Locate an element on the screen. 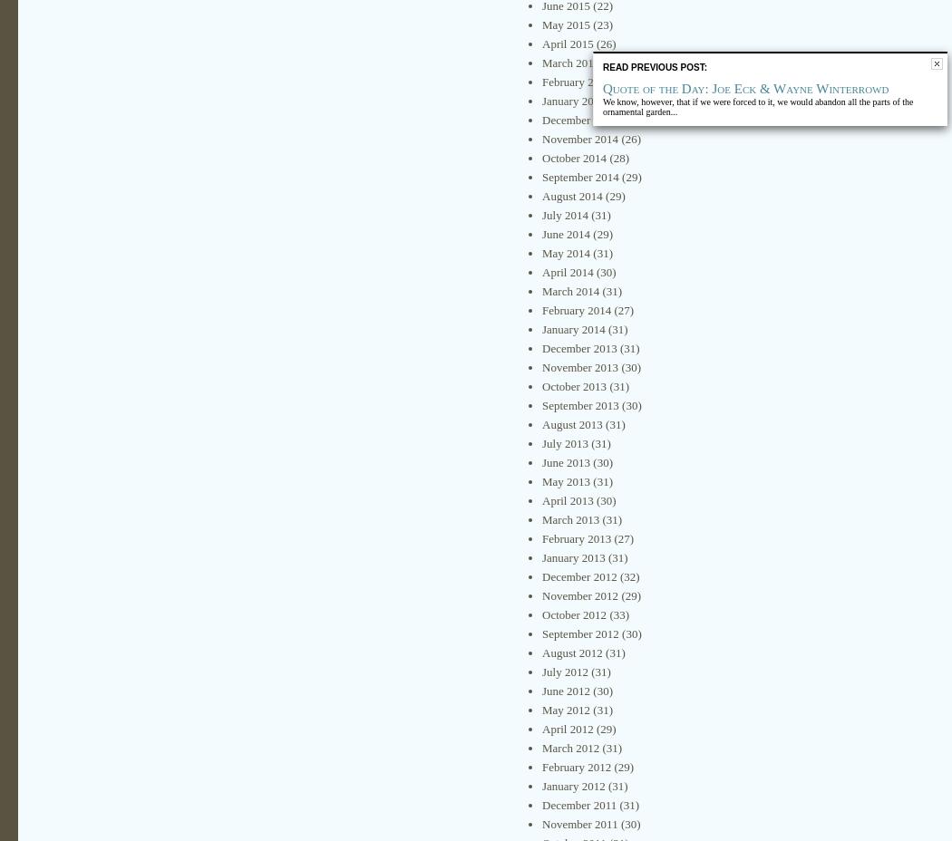  '(28)' is located at coordinates (605, 158).